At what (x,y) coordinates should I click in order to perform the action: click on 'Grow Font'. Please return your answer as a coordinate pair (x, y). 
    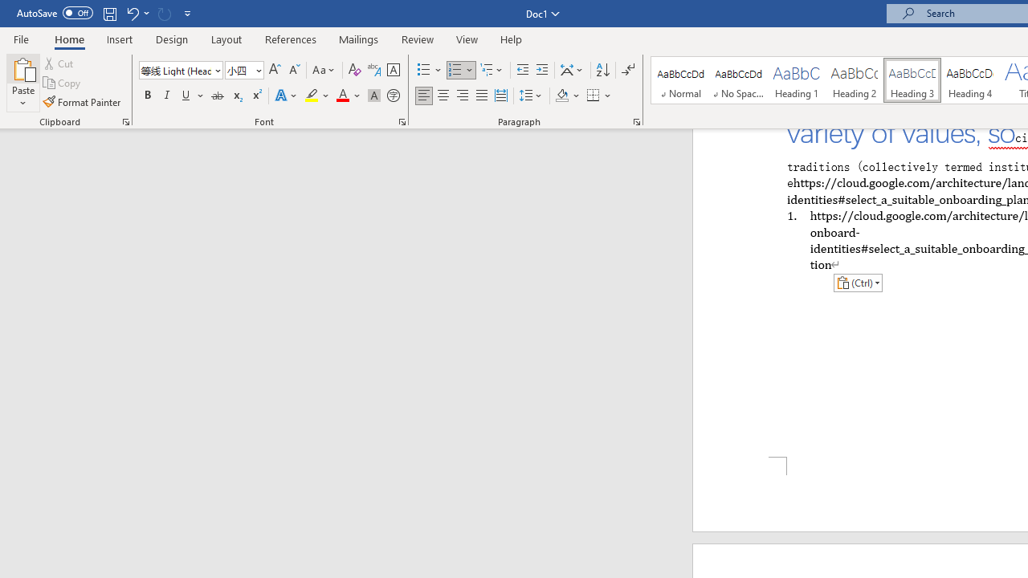
    Looking at the image, I should click on (275, 69).